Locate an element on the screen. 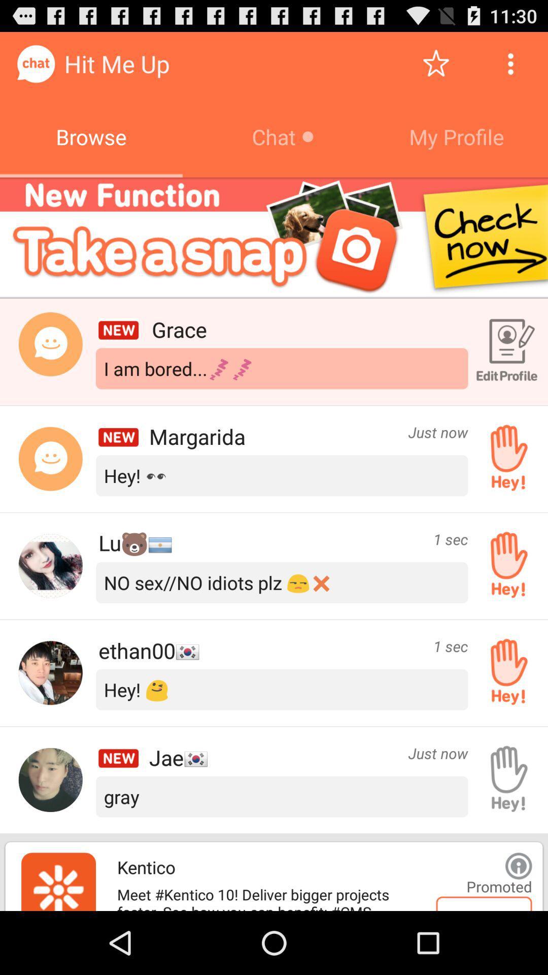 The image size is (548, 975). send hey is located at coordinates (505, 458).